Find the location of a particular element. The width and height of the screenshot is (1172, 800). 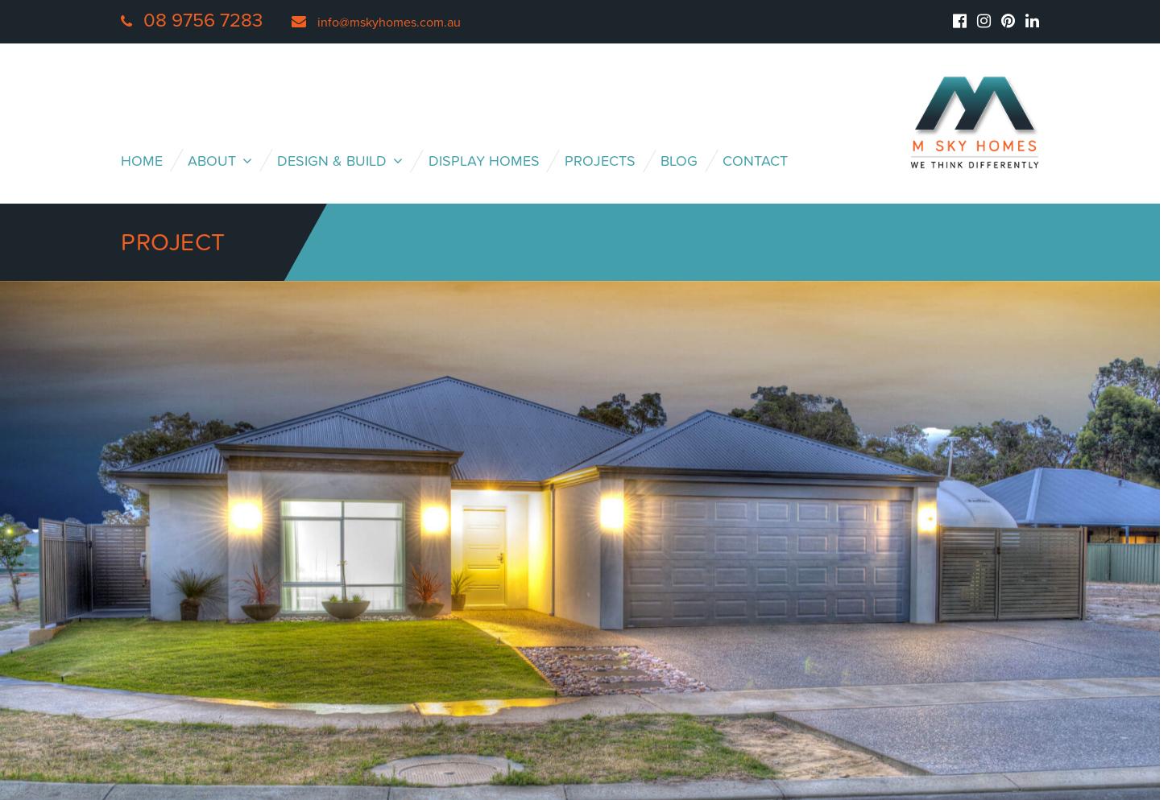

'info@mskyhomes.com.au' is located at coordinates (317, 23).